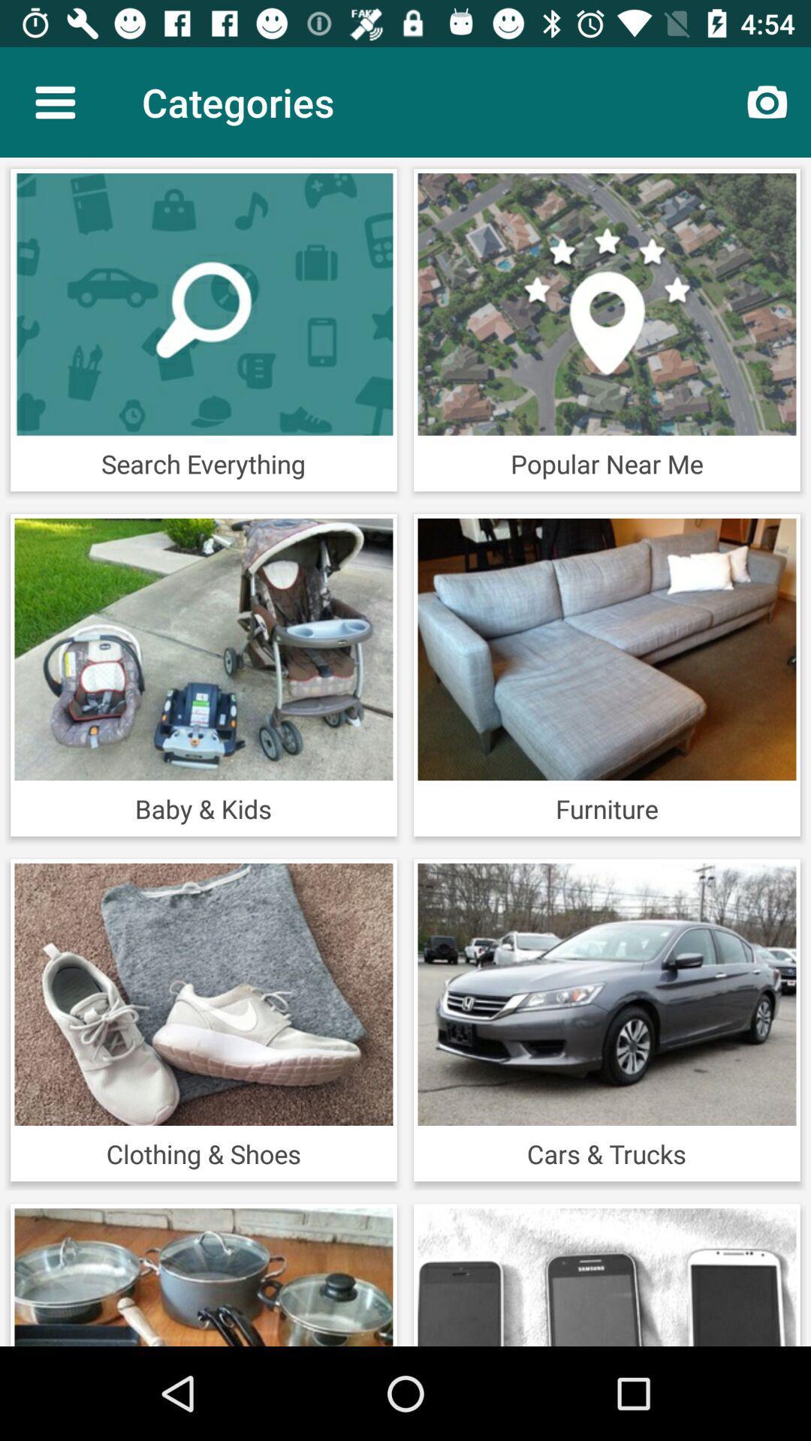  I want to click on the icon next to the categories, so click(54, 101).